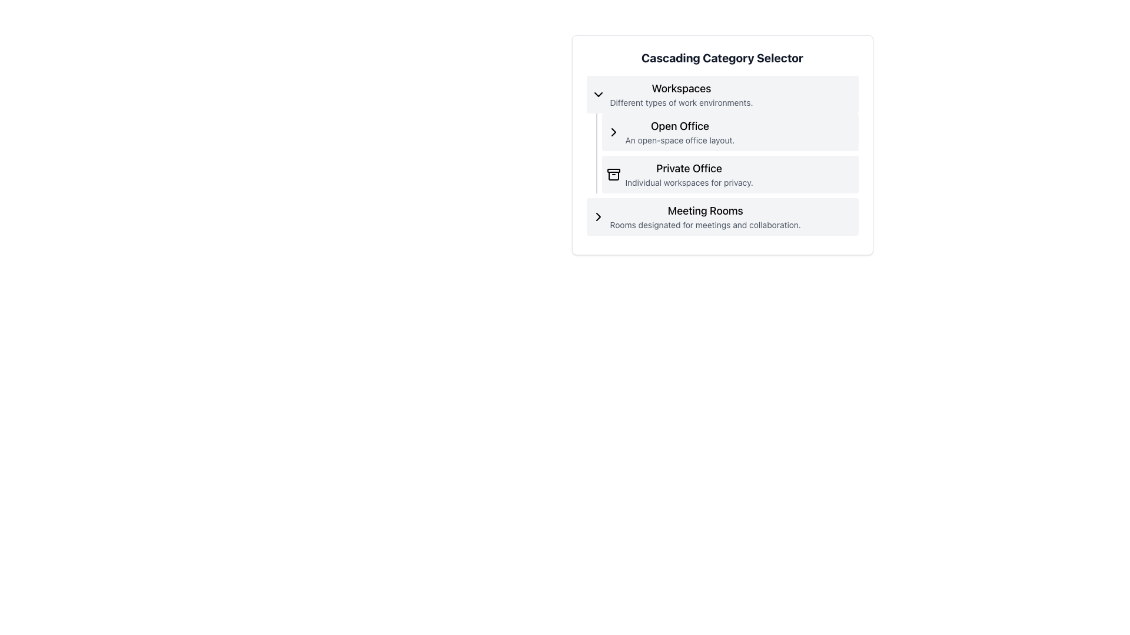 The image size is (1130, 635). What do you see at coordinates (729, 175) in the screenshot?
I see `to select the 'Private Office' option in the cascading selection interface, which is the second item in the 'Workspaces' category list and features a prominent title and description` at bounding box center [729, 175].